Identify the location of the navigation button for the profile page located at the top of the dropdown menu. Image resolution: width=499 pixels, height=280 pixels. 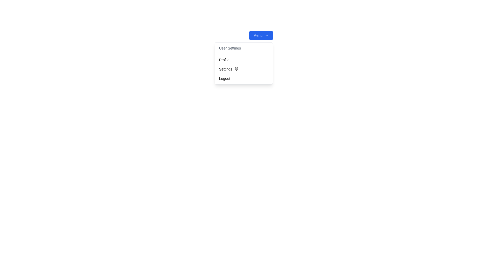
(244, 60).